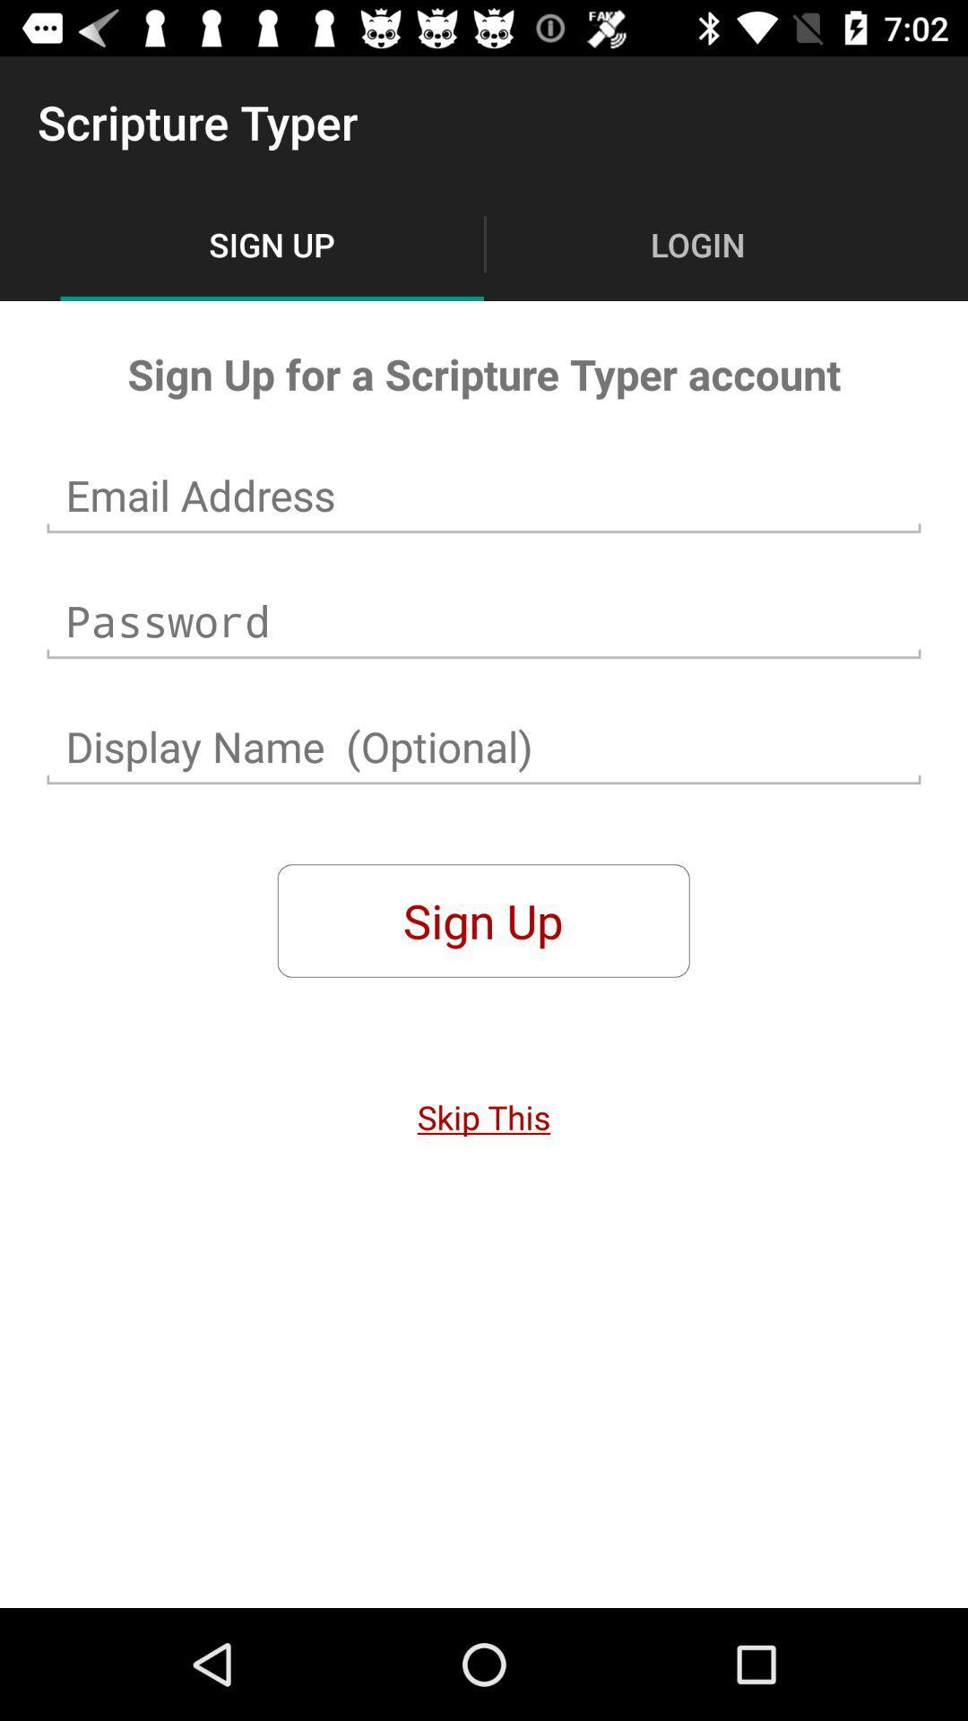 The image size is (968, 1721). What do you see at coordinates (484, 1116) in the screenshot?
I see `the skip this icon` at bounding box center [484, 1116].